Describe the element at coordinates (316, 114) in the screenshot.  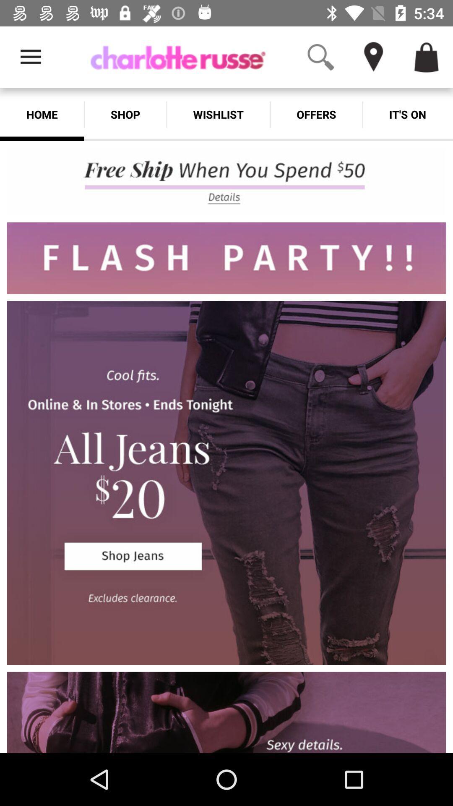
I see `the icon next to wishlist icon` at that location.